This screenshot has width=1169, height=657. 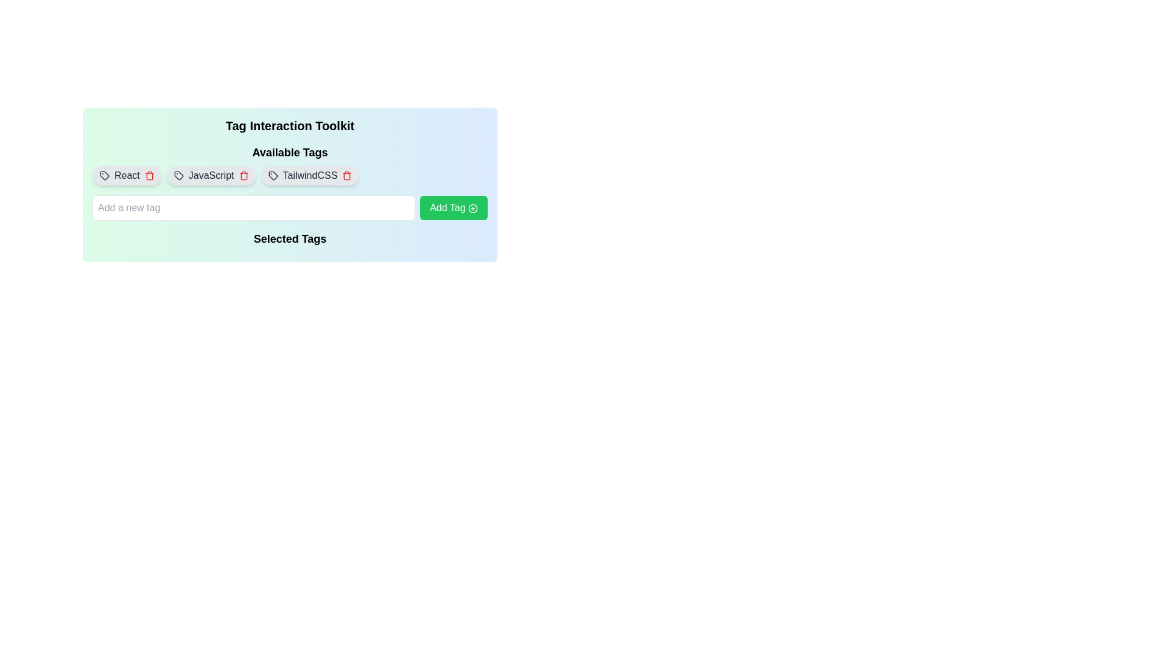 What do you see at coordinates (244, 176) in the screenshot?
I see `the 'delete' button represented by a trash can icon located in the 'Available Tags' section, adjacent to the 'JavaScript' tag text` at bounding box center [244, 176].